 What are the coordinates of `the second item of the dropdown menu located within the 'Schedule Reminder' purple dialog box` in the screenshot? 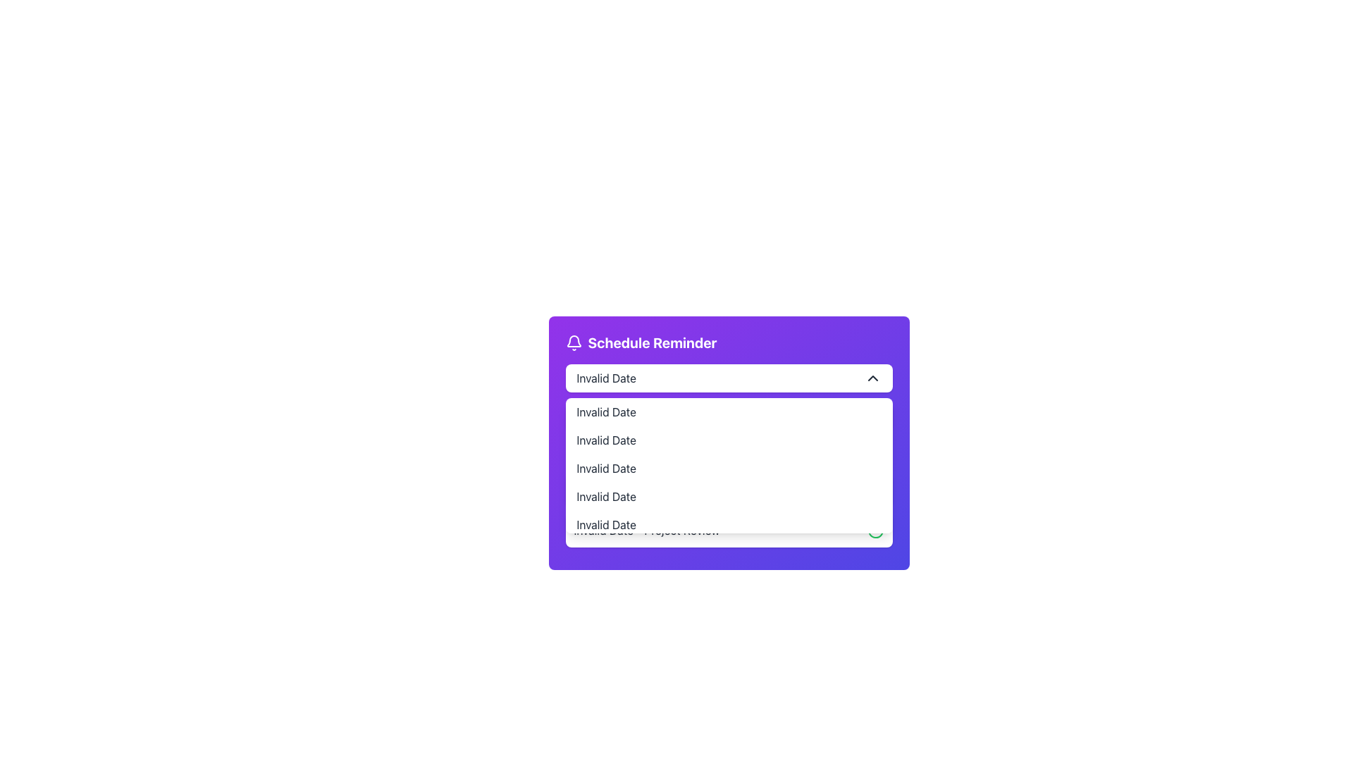 It's located at (729, 439).